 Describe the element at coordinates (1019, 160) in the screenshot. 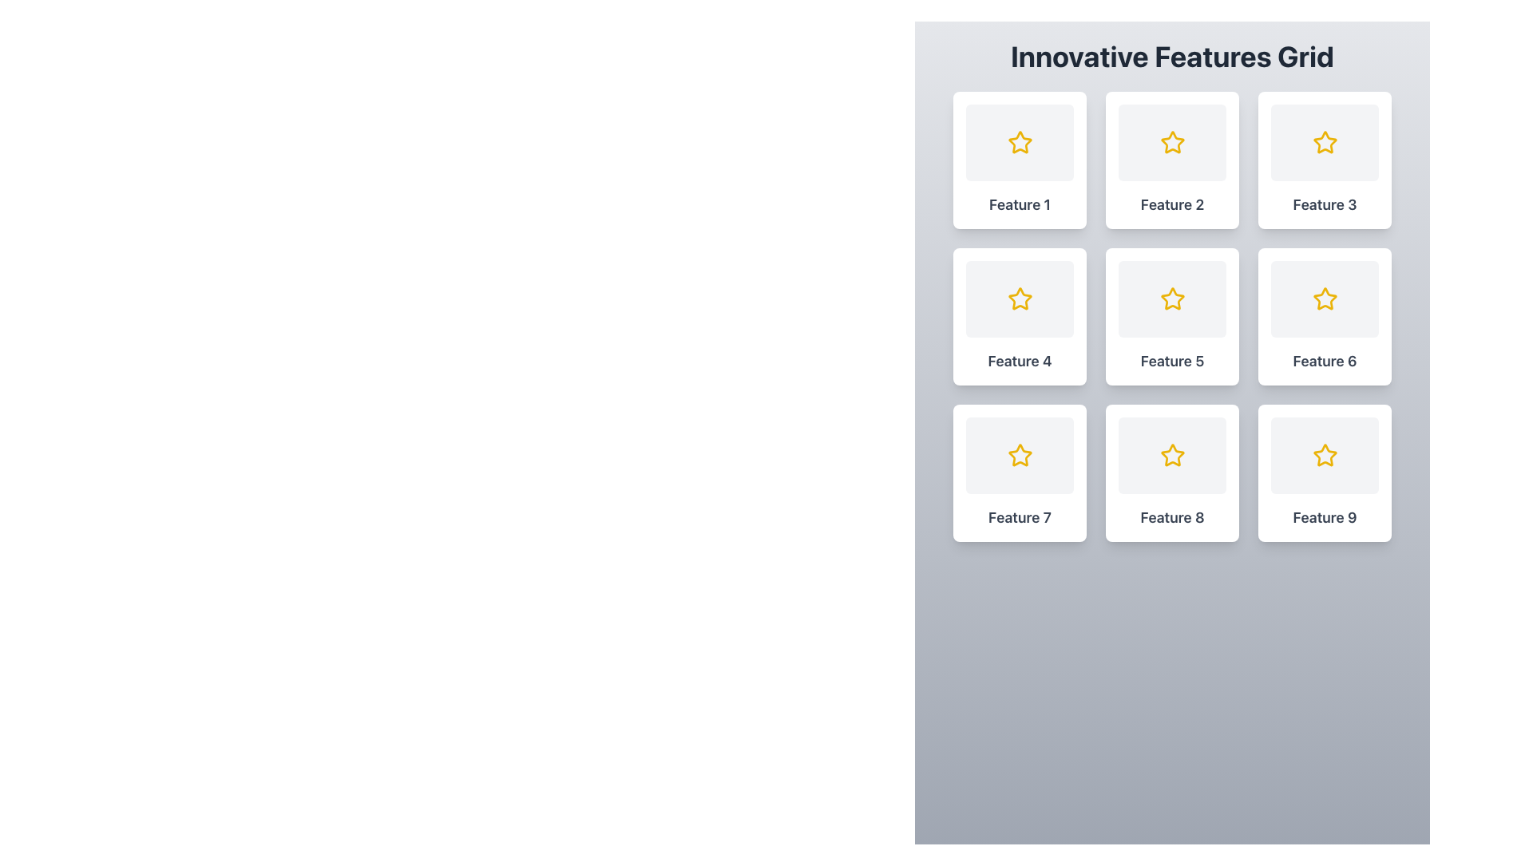

I see `the interactive card with a star icon located in the upper-left corner of the 'Innovative Features Grid'` at that location.